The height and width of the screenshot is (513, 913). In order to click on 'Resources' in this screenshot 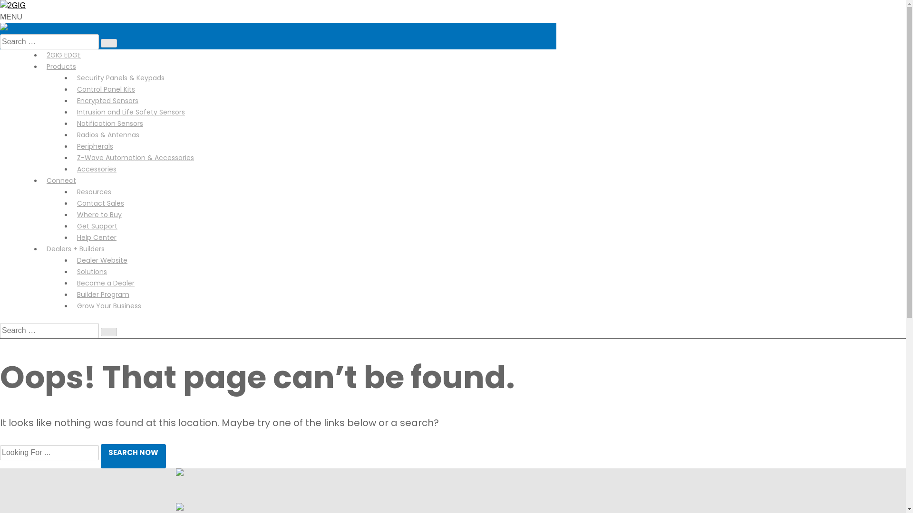, I will do `click(94, 192)`.